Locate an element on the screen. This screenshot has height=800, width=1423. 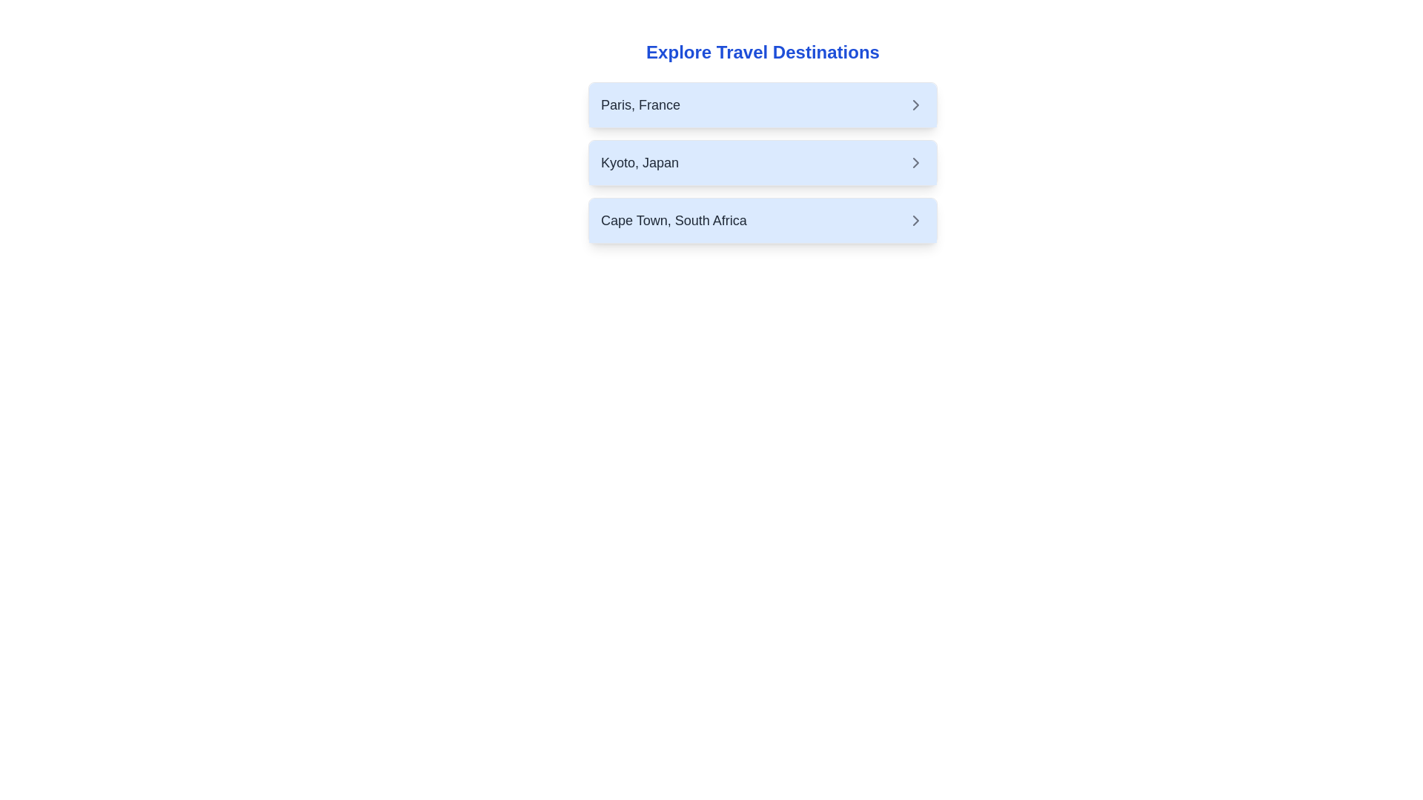
the Header text that summarizes the content above the destination cards is located at coordinates (763, 51).